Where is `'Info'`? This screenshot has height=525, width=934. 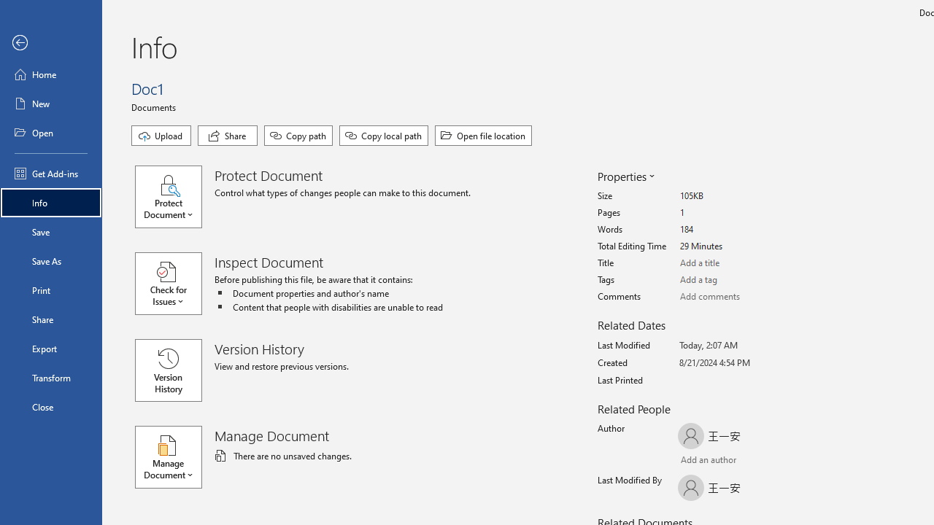
'Info' is located at coordinates (50, 202).